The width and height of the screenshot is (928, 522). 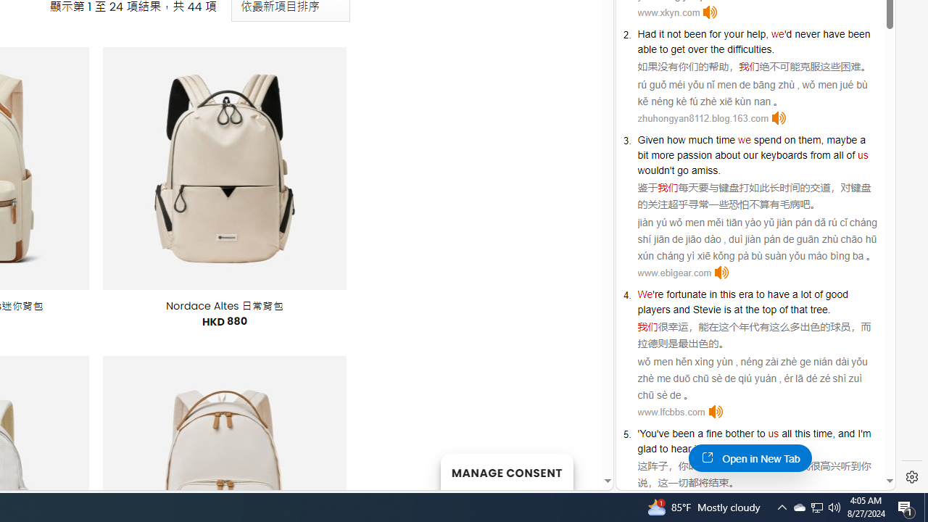 I want to click on 'we', so click(x=744, y=139).